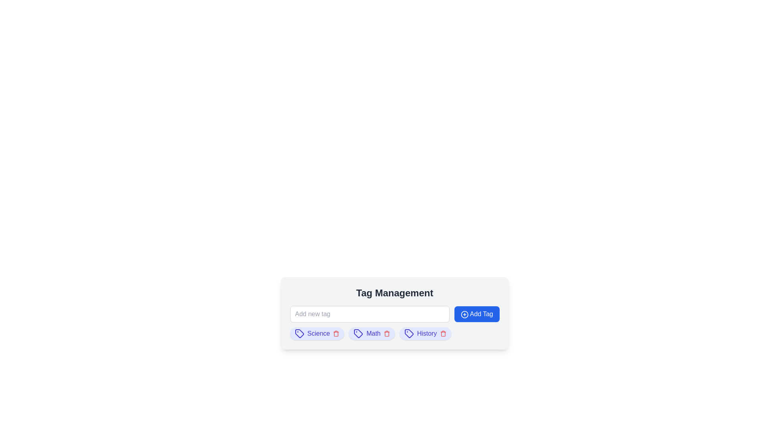 Image resolution: width=762 pixels, height=429 pixels. What do you see at coordinates (387, 334) in the screenshot?
I see `the trash icon` at bounding box center [387, 334].